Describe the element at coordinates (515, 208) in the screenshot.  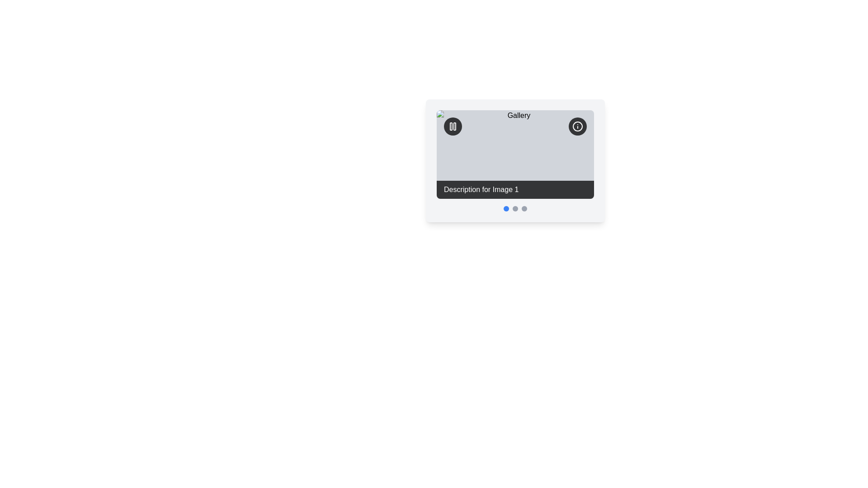
I see `the third navigation dot located beneath the 'Description for Image 1' bar` at that location.